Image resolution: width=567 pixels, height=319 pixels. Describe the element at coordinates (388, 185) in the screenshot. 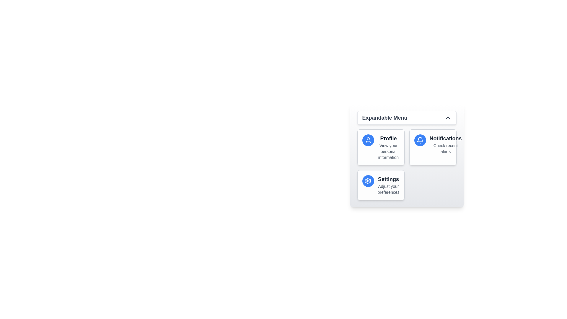

I see `the 'Settings' option in the menu` at that location.